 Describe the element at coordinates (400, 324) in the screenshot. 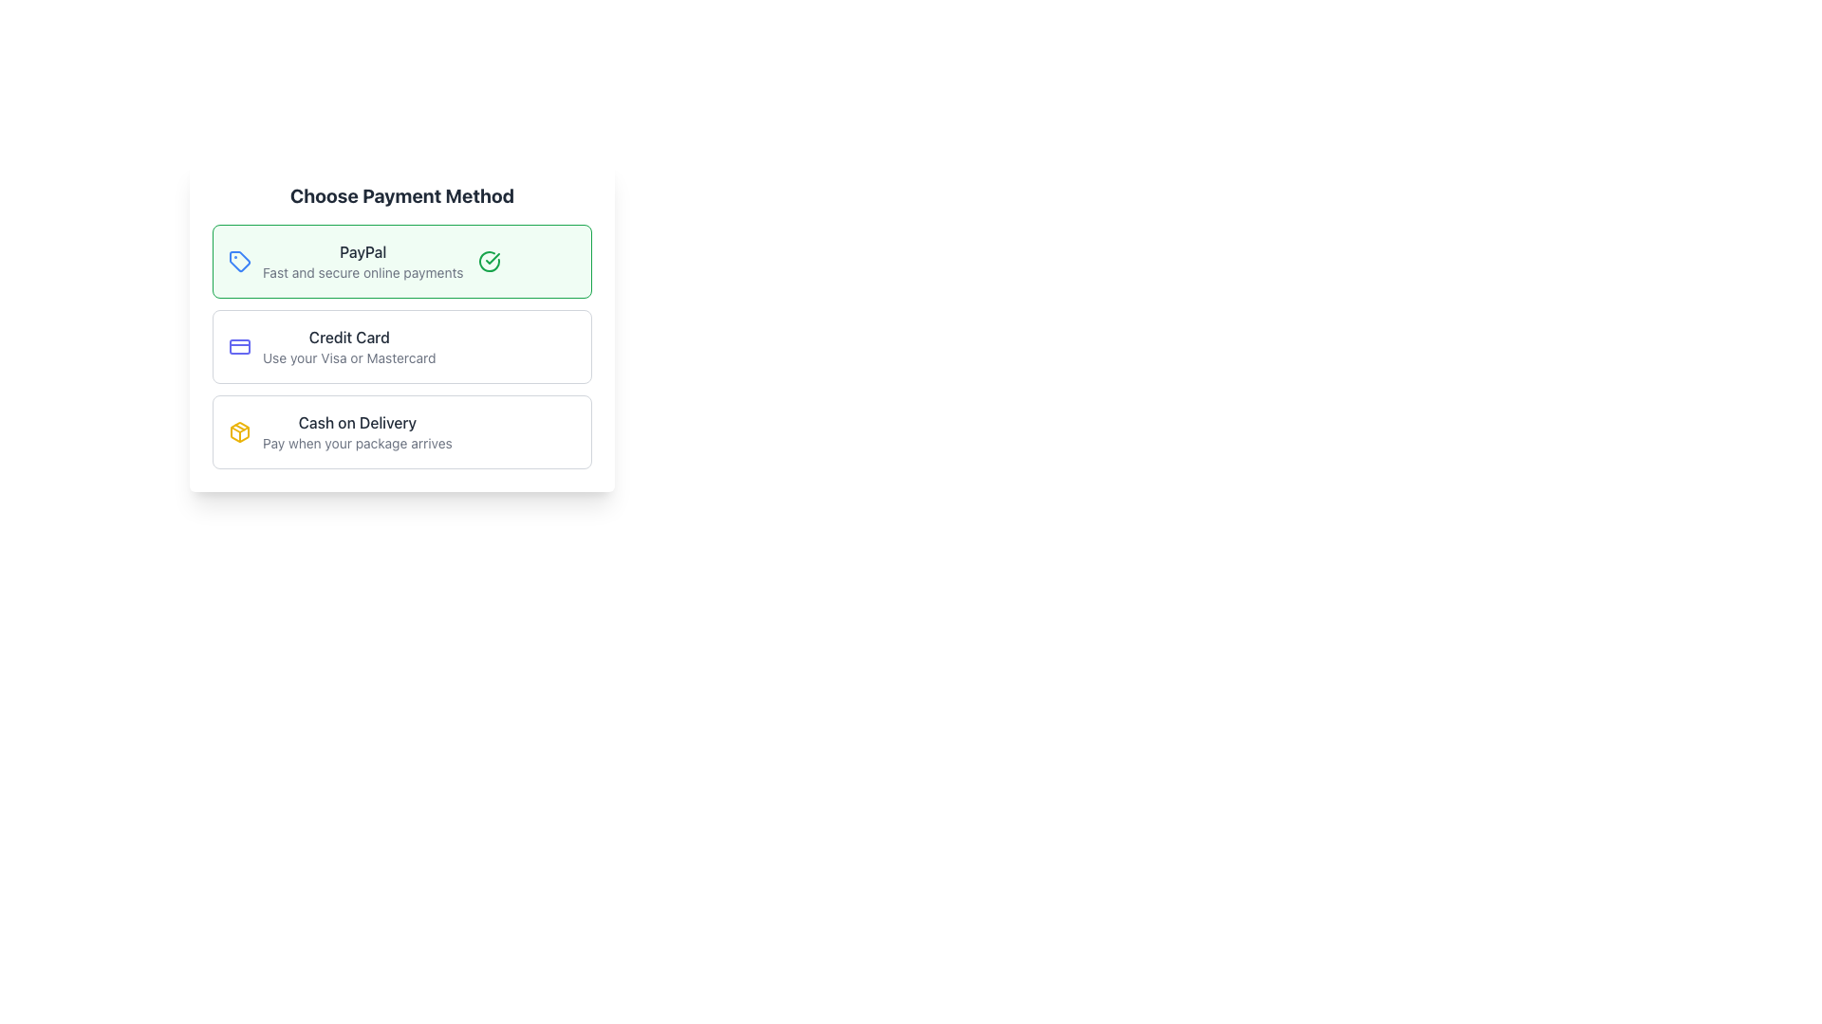

I see `the second Selectable Option Card in the 'Choose Payment Method' section` at that location.